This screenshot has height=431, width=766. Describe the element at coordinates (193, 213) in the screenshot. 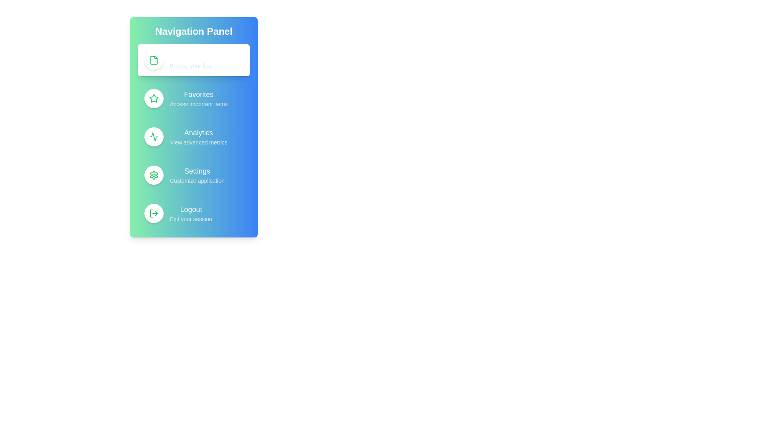

I see `the menu item 'Logout' to observe visual feedback` at that location.